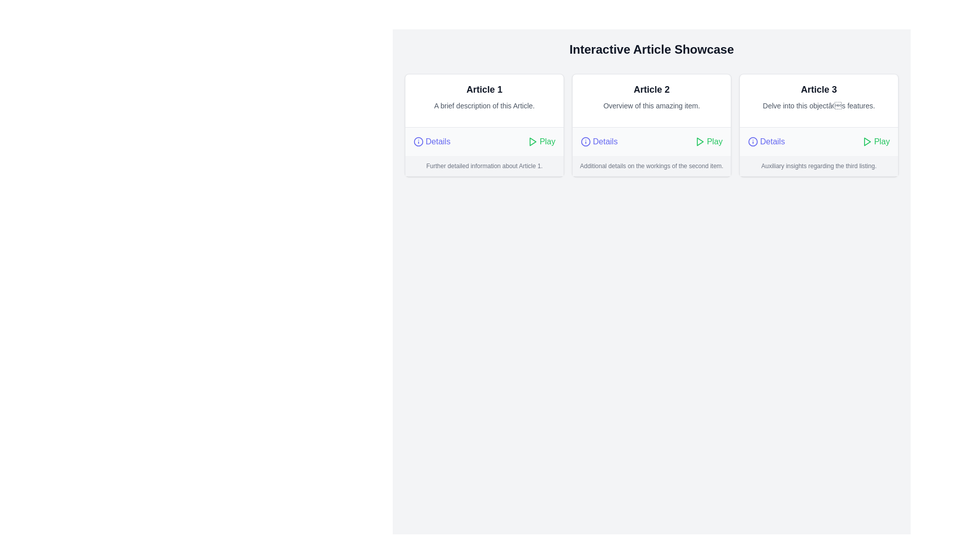  Describe the element at coordinates (652, 141) in the screenshot. I see `the 'Play' button located in the Navigation/Action bar at the bottom of 'Article 2' to initiate the related action` at that location.